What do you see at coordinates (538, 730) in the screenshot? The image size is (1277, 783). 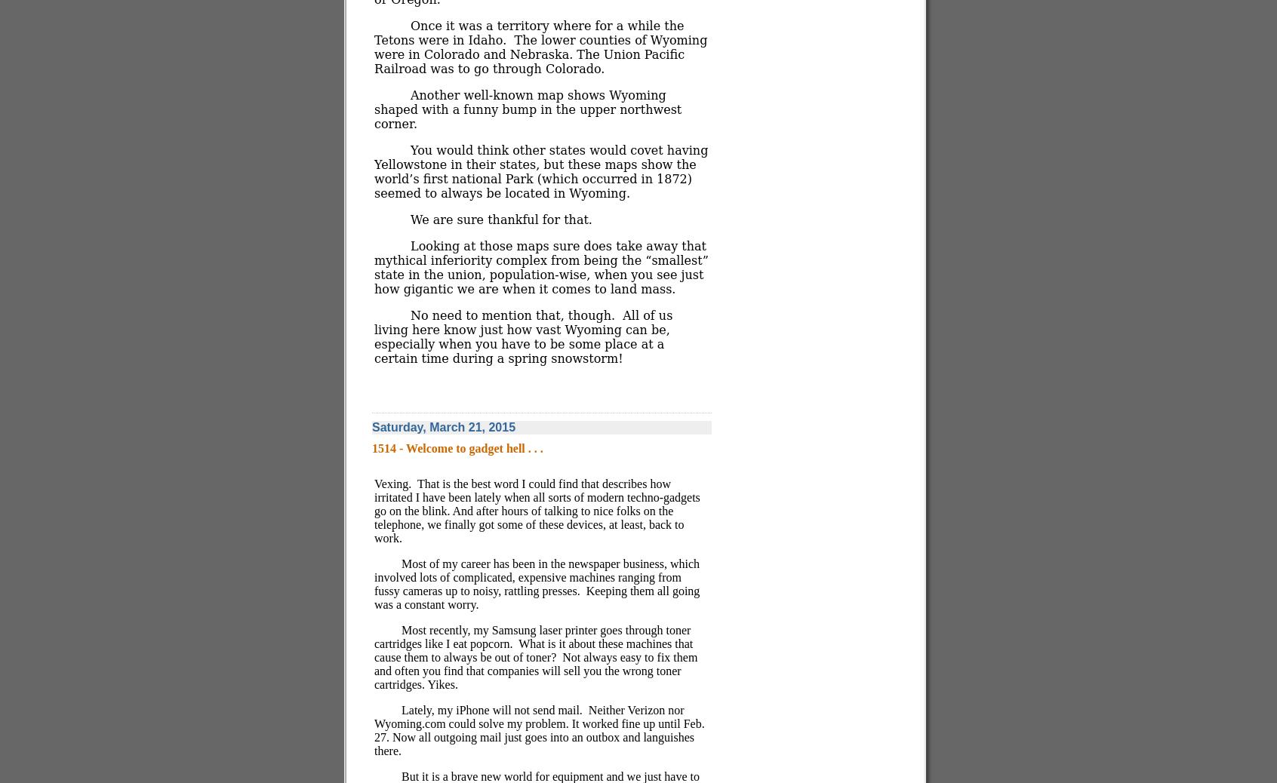 I see `'Neither
Verizon nor Wyoming.com could solve my problem. It worked fine up until Feb.
27. Now all outgoing mail just goes into an outbox and languishes there.'` at bounding box center [538, 730].